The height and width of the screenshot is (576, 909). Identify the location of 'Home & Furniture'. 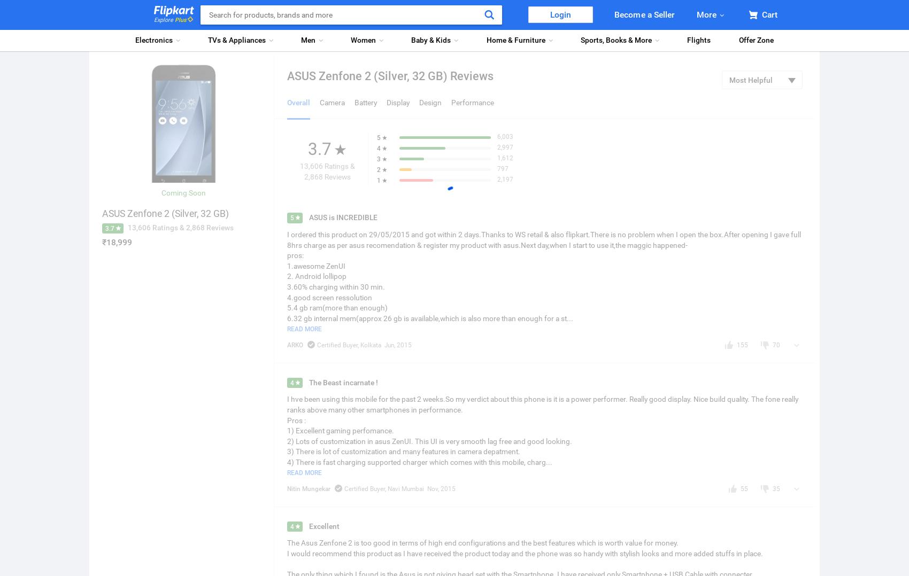
(515, 40).